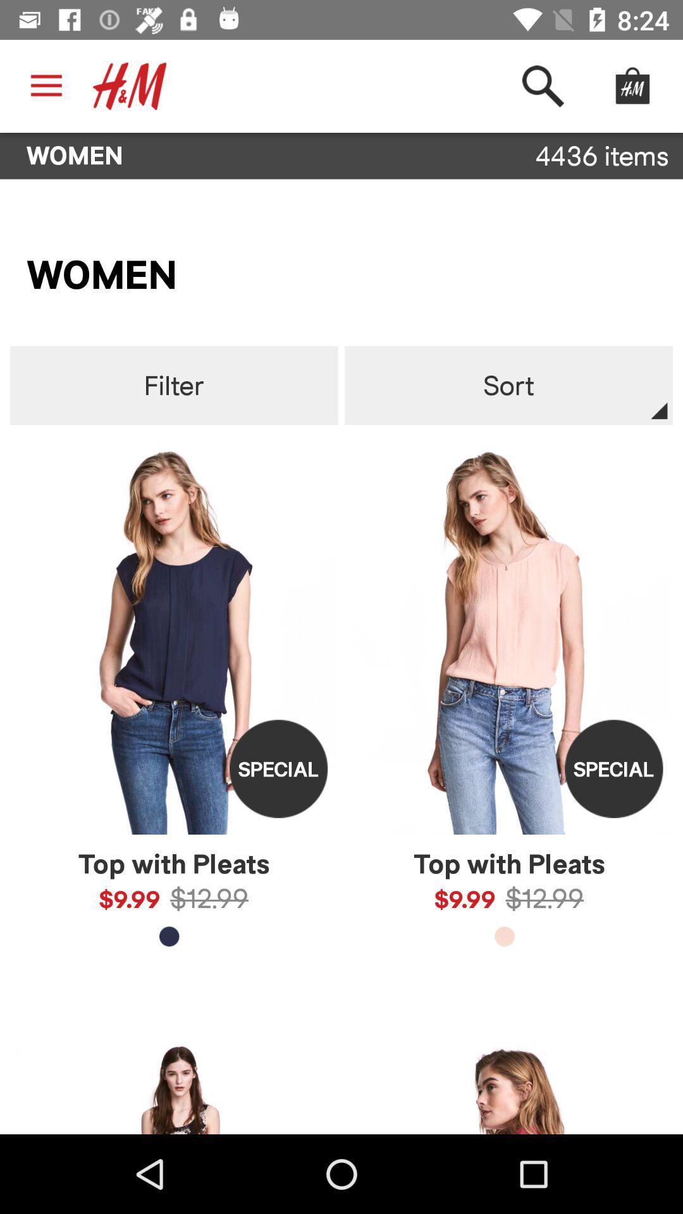 This screenshot has width=683, height=1214. I want to click on the icon above the women item, so click(542, 85).